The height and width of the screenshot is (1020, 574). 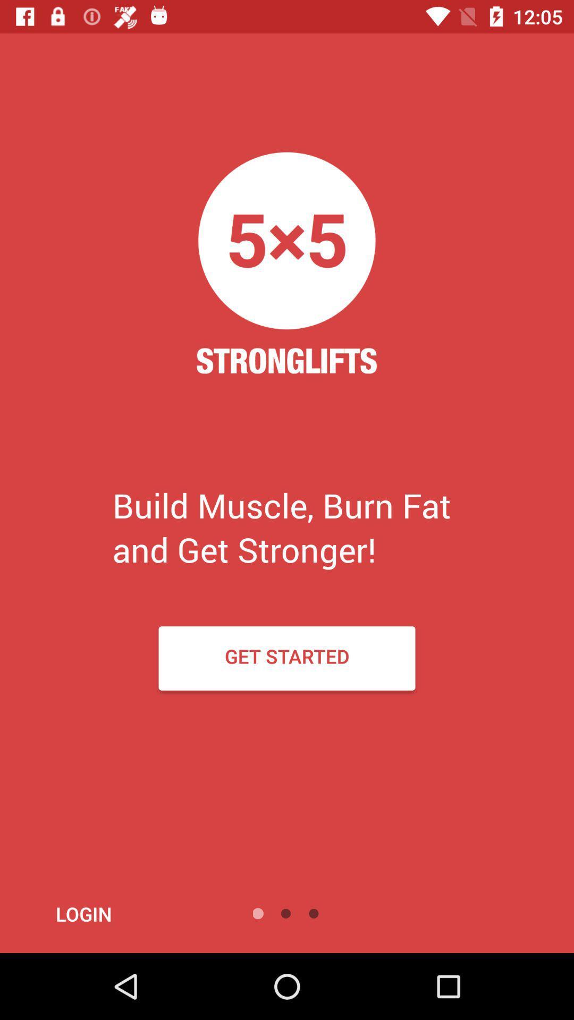 What do you see at coordinates (112, 913) in the screenshot?
I see `the login` at bounding box center [112, 913].